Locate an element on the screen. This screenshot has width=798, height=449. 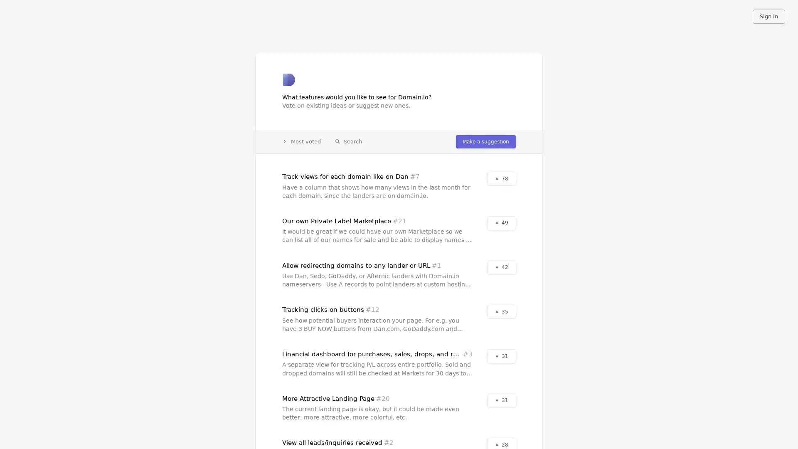
49 is located at coordinates (501, 222).